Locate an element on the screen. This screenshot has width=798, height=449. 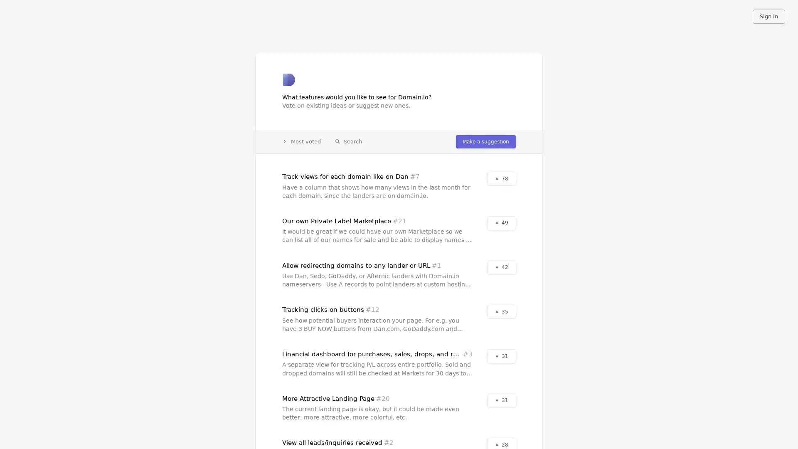
49 is located at coordinates (501, 222).